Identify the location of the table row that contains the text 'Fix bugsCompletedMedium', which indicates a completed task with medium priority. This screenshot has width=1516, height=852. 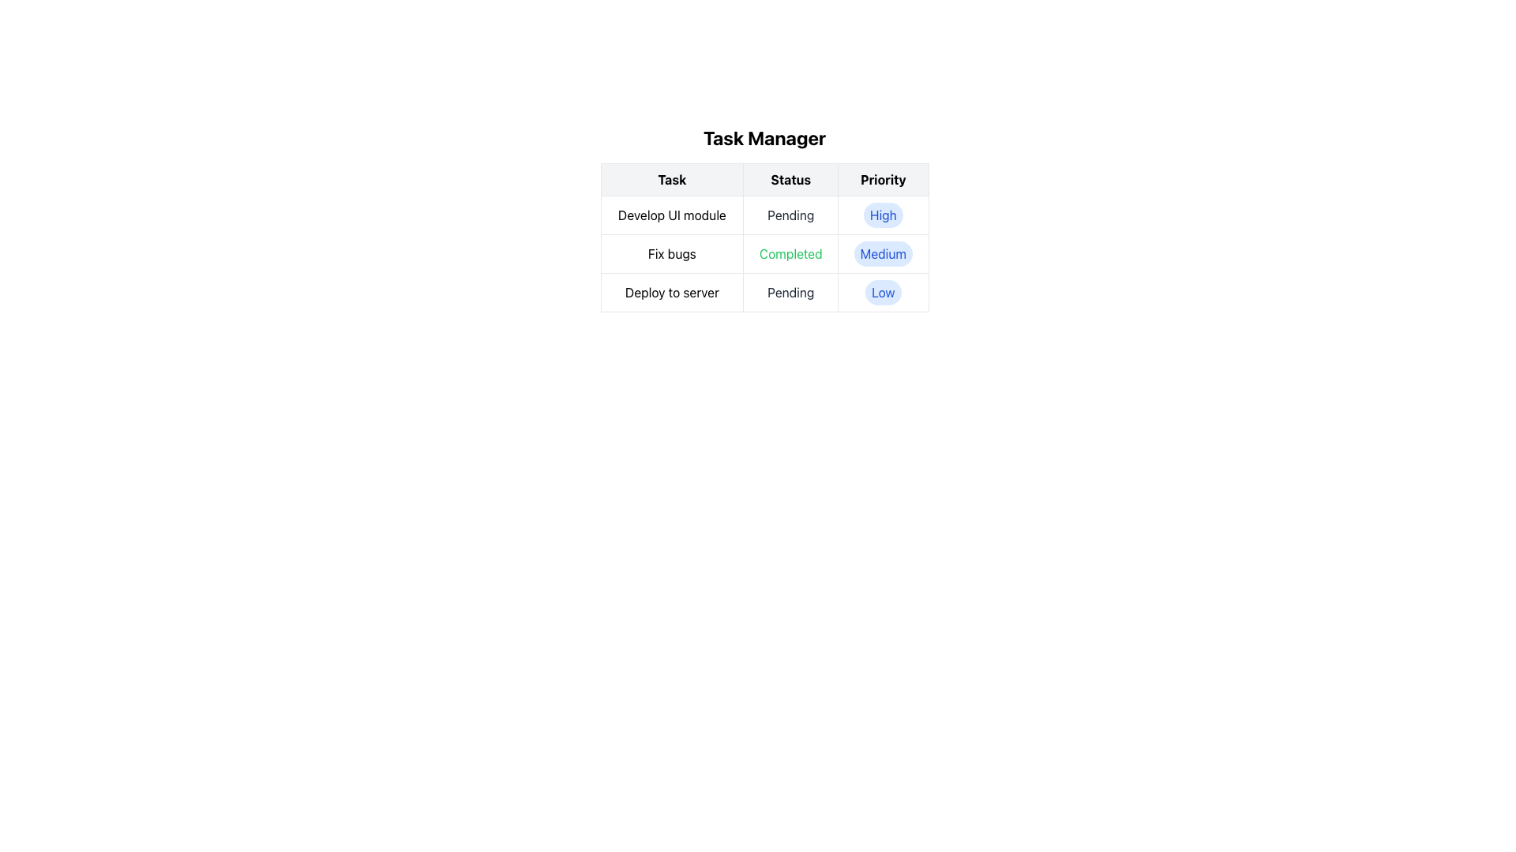
(764, 252).